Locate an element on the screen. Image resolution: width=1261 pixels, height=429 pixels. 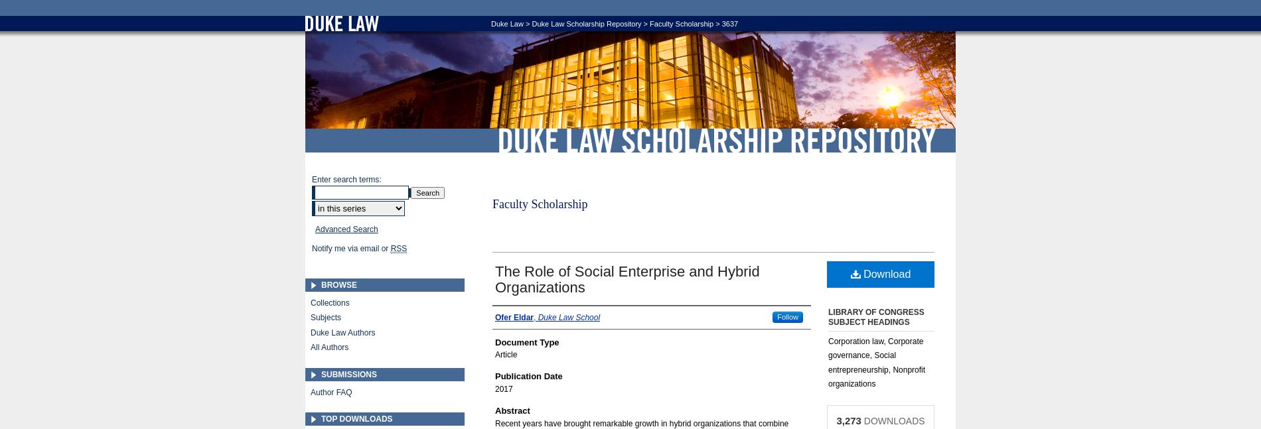
'The Role of Social Enterprise and Hybrid Organizations' is located at coordinates (627, 278).